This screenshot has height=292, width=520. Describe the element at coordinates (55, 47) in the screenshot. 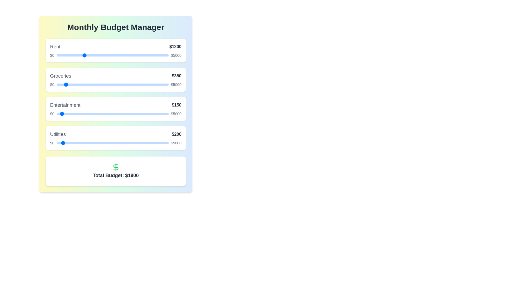

I see `the Text Label that serves as a section header for the budget category, positioned on the left of the row with a monetary value on the right` at that location.